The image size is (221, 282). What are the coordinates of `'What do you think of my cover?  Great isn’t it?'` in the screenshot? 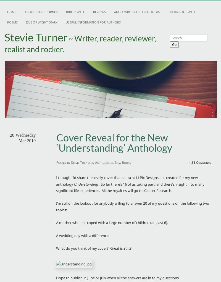 It's located at (94, 247).